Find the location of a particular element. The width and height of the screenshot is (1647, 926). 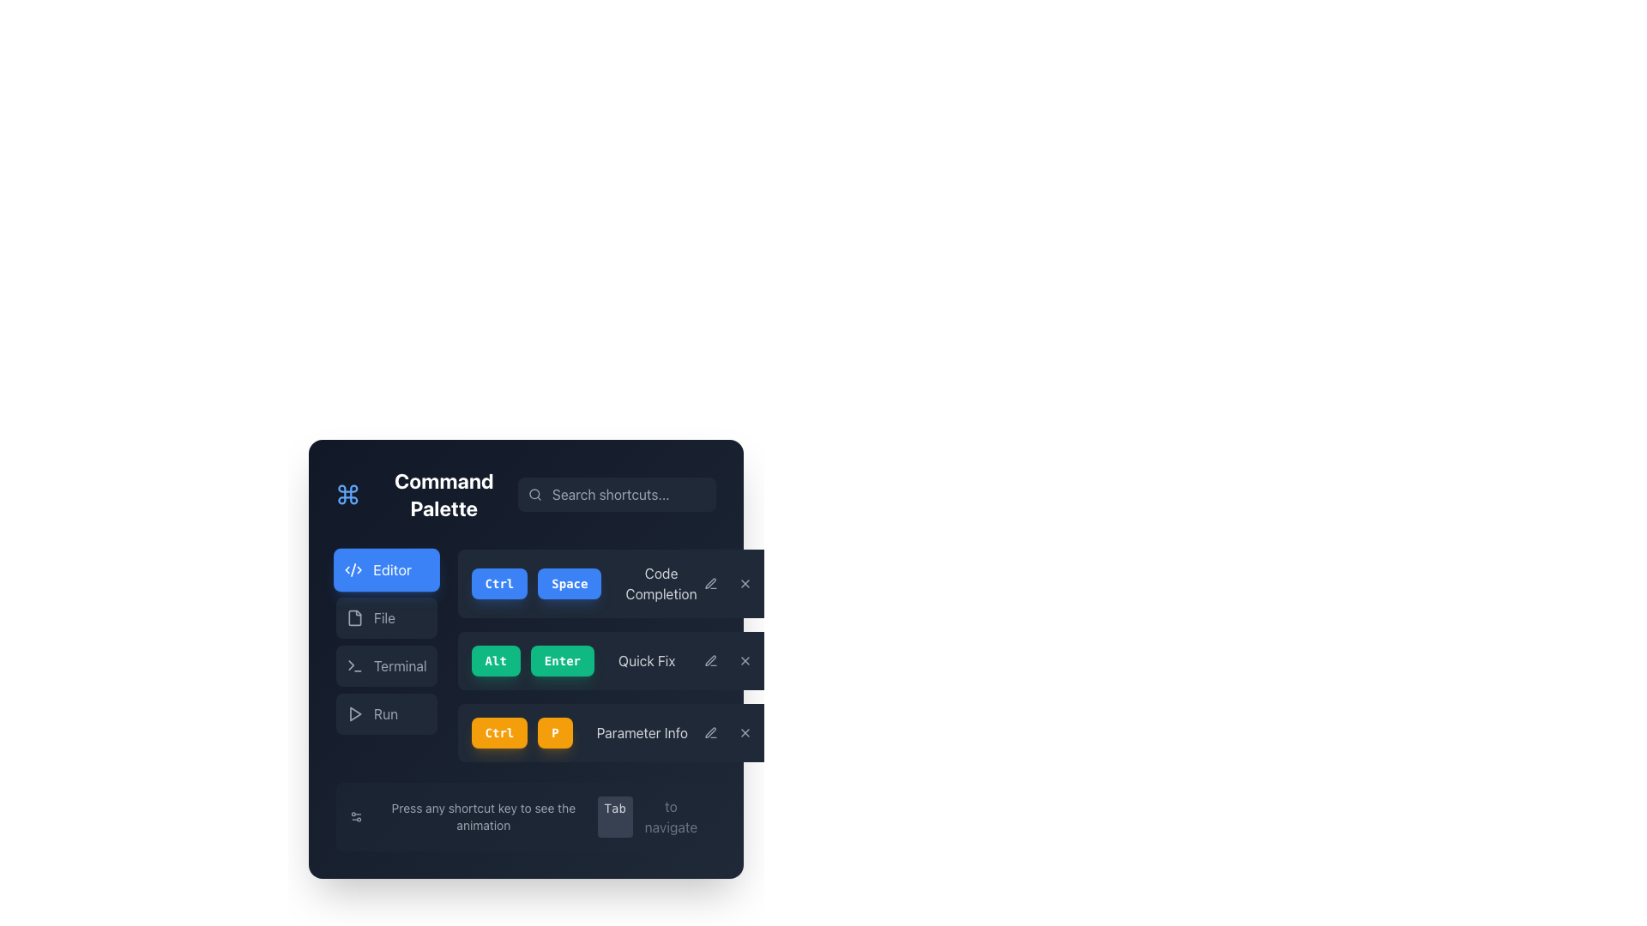

the 'Terminal' button, which is a rounded rectangle with a dark background and light gray text, located as the third item in a vertical list of buttons is located at coordinates (385, 664).